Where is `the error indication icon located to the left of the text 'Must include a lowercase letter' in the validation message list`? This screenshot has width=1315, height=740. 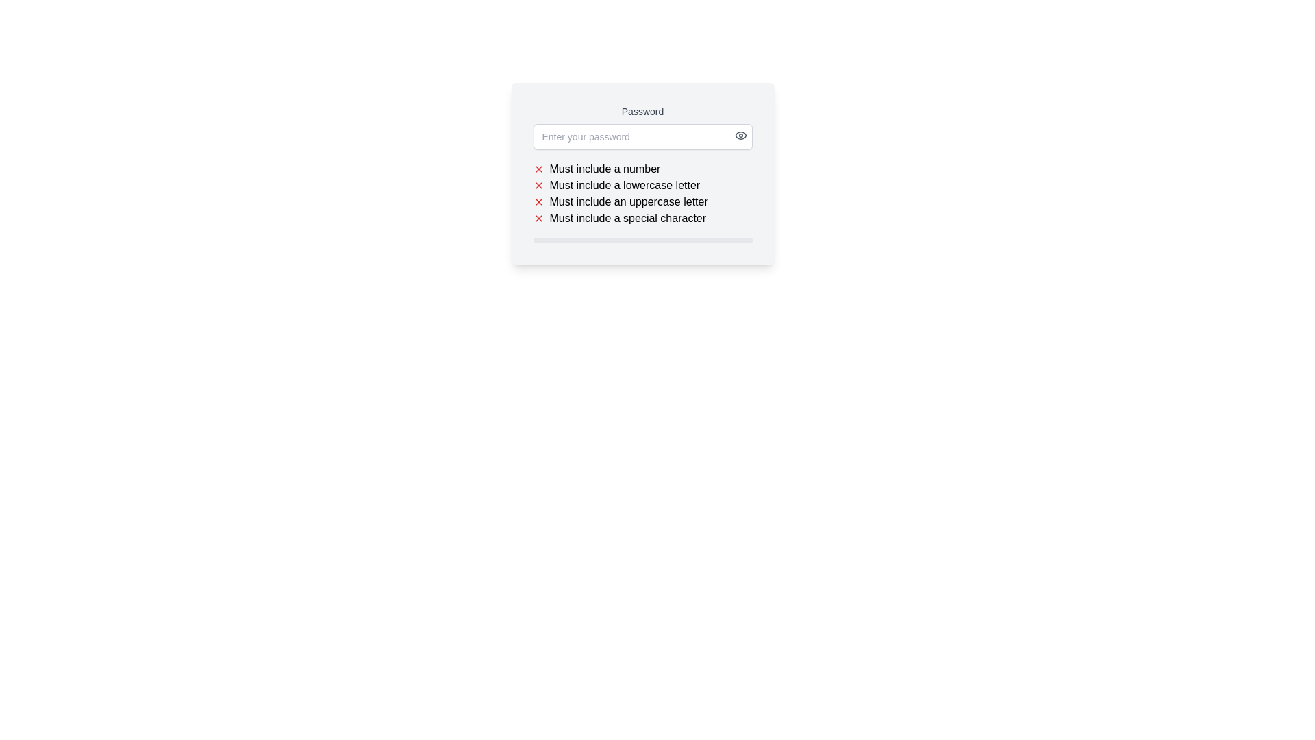 the error indication icon located to the left of the text 'Must include a lowercase letter' in the validation message list is located at coordinates (538, 185).